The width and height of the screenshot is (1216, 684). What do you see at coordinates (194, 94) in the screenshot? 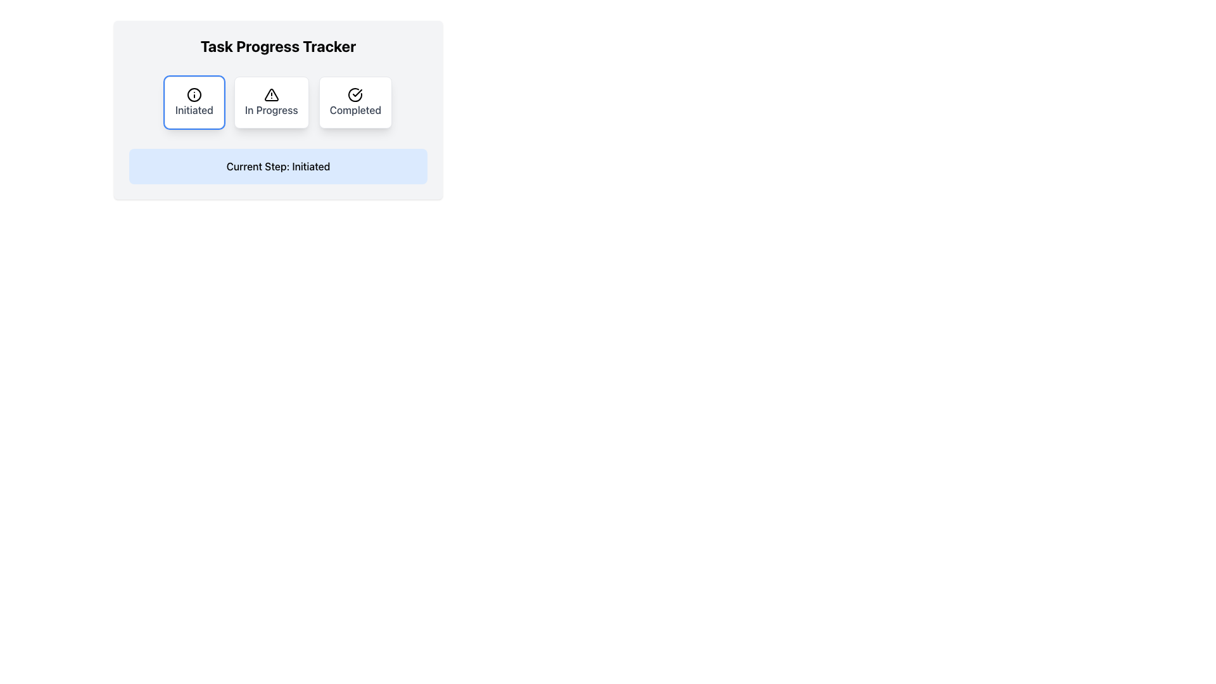
I see `the first step icon in the 'Initiated' section of the task progress tracker, which visually represents the informational state of the process stage` at bounding box center [194, 94].